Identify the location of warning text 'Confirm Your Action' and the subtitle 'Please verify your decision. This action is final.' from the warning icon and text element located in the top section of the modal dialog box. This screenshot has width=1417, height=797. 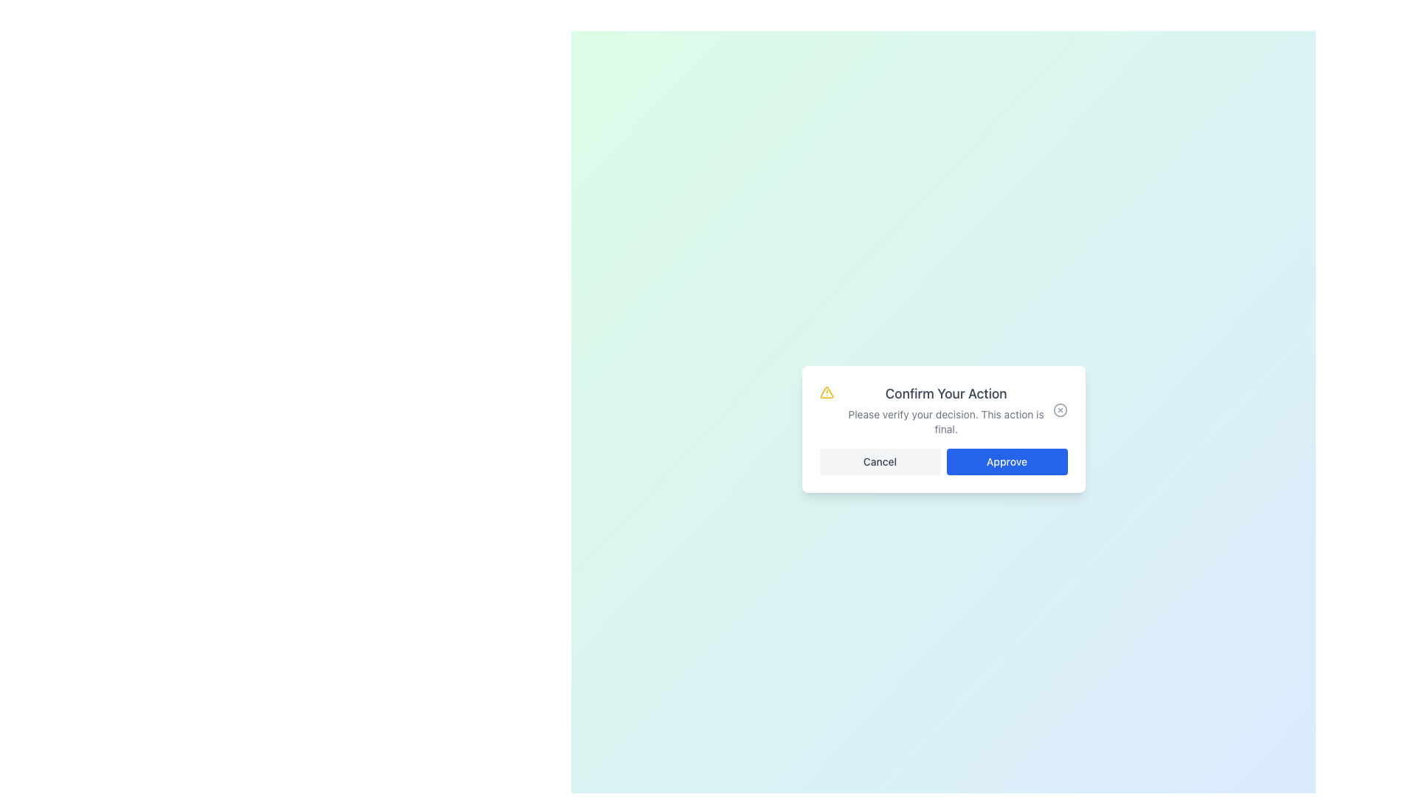
(935, 410).